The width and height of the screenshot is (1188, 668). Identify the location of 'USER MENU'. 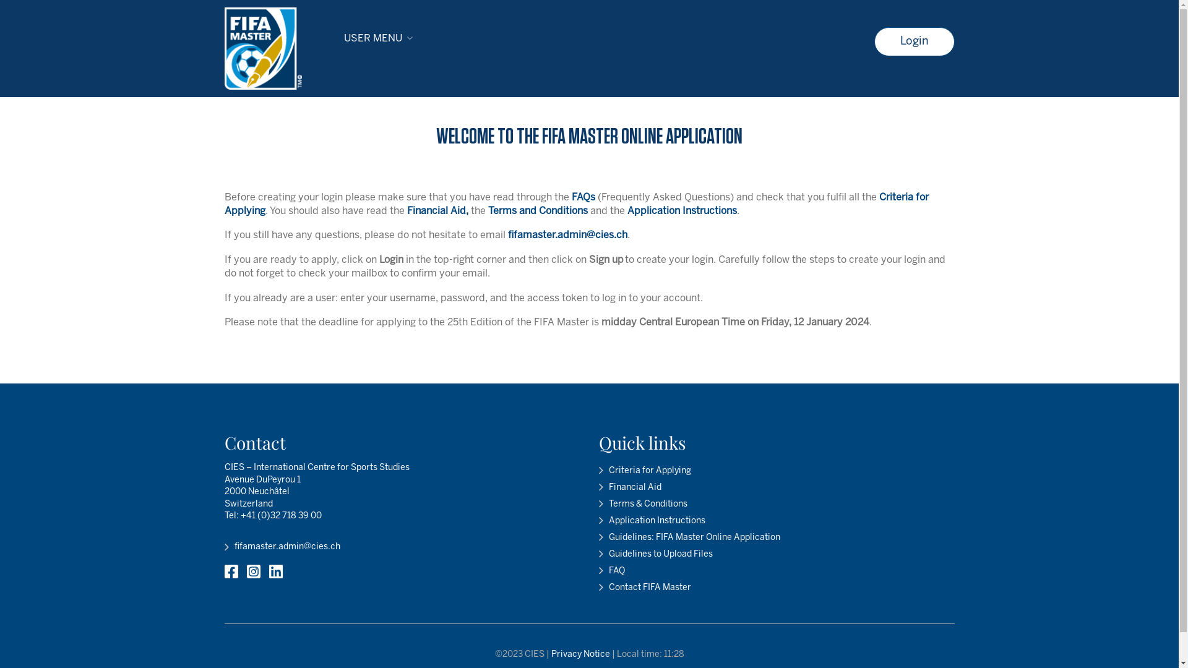
(377, 38).